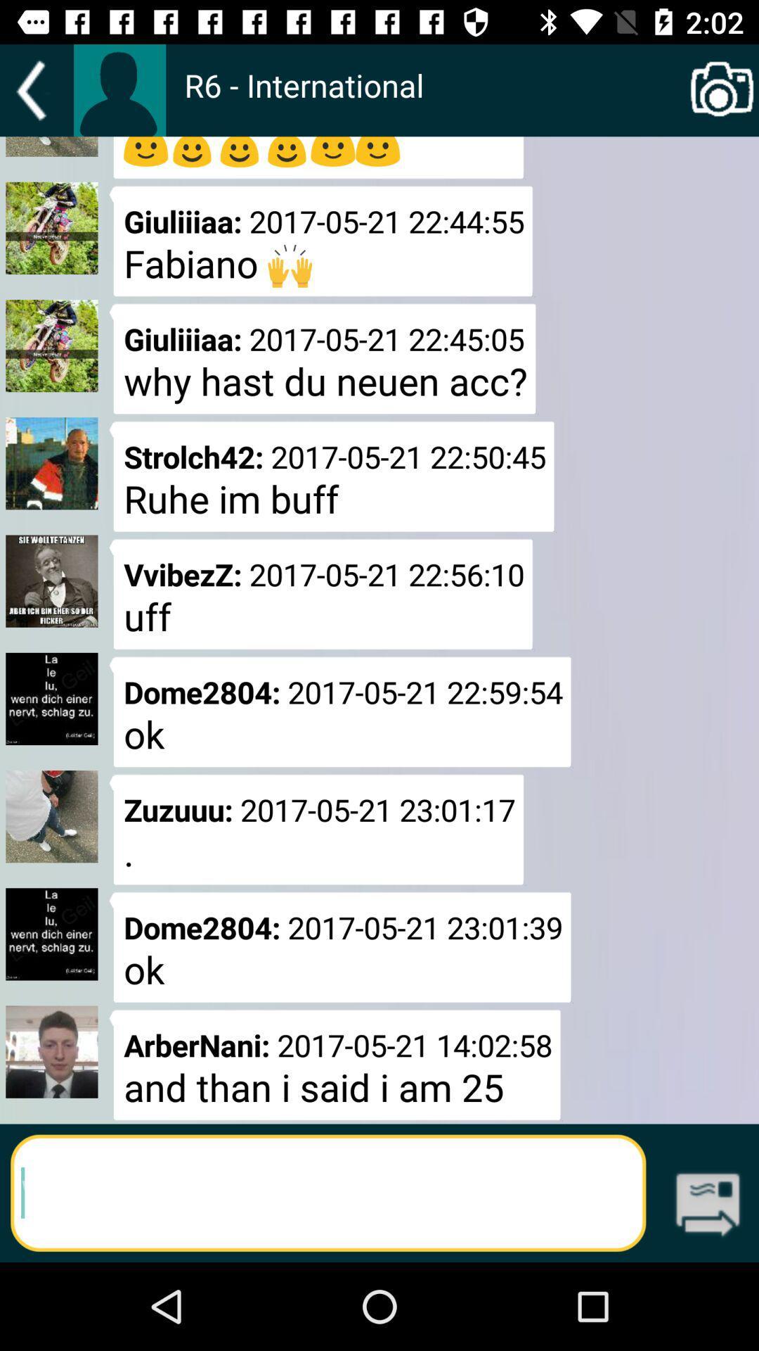 The width and height of the screenshot is (759, 1351). I want to click on the fourth image of the page, so click(51, 581).